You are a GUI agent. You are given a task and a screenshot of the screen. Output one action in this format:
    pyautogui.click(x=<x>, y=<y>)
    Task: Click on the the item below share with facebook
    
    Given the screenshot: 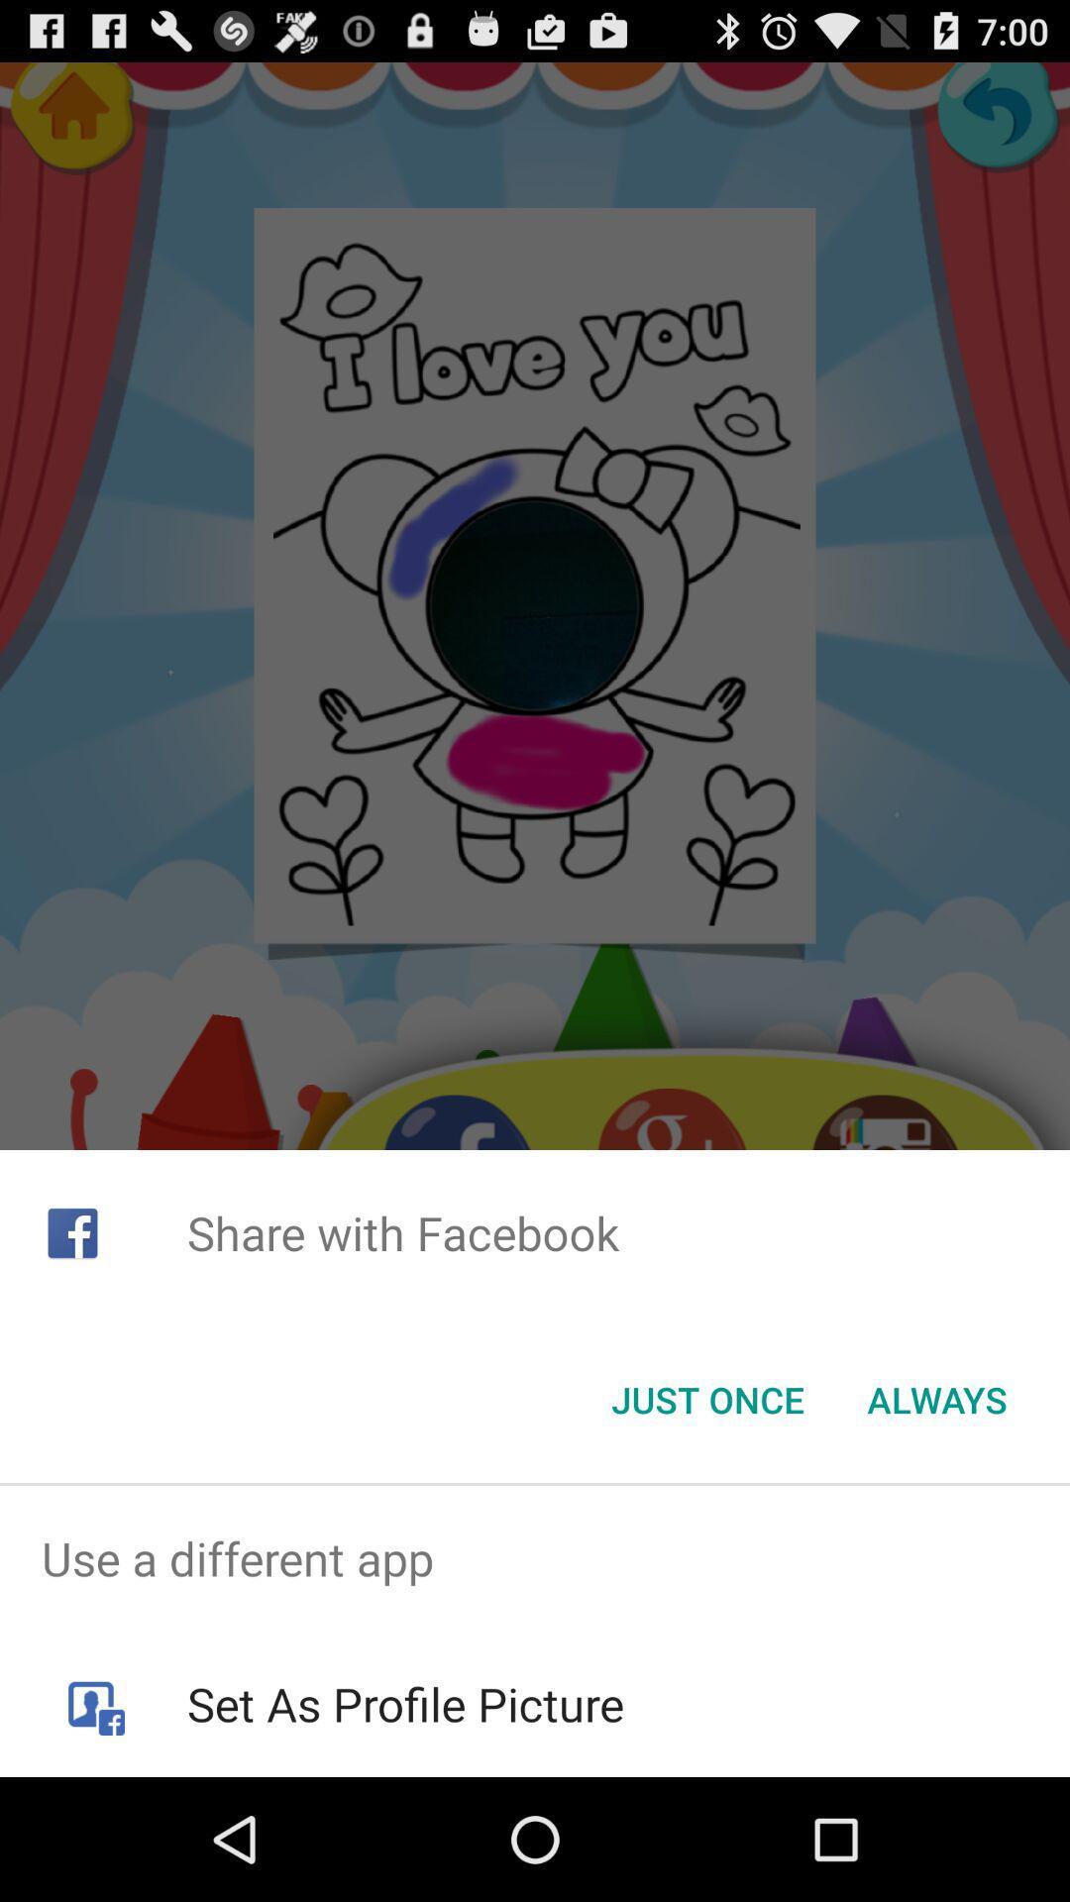 What is the action you would take?
    pyautogui.click(x=706, y=1398)
    